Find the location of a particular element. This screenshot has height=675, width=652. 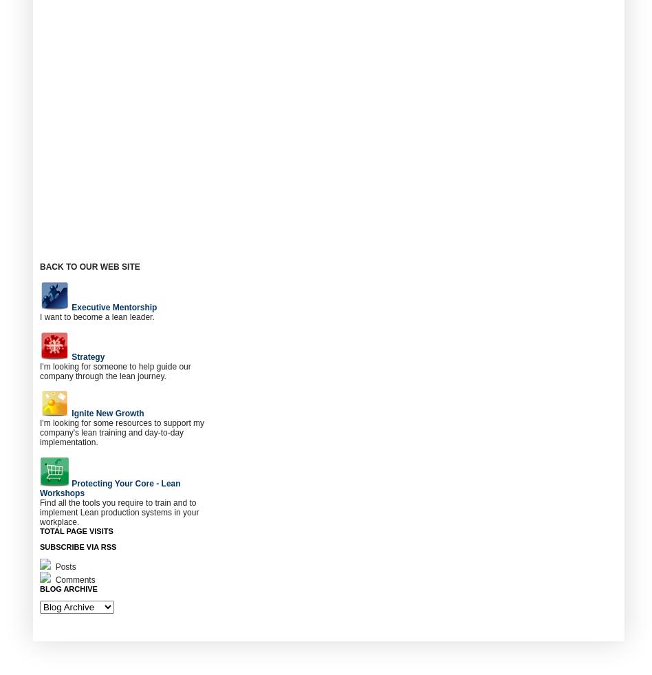

'Protecting Your Core - Lean Workshops' is located at coordinates (109, 489).